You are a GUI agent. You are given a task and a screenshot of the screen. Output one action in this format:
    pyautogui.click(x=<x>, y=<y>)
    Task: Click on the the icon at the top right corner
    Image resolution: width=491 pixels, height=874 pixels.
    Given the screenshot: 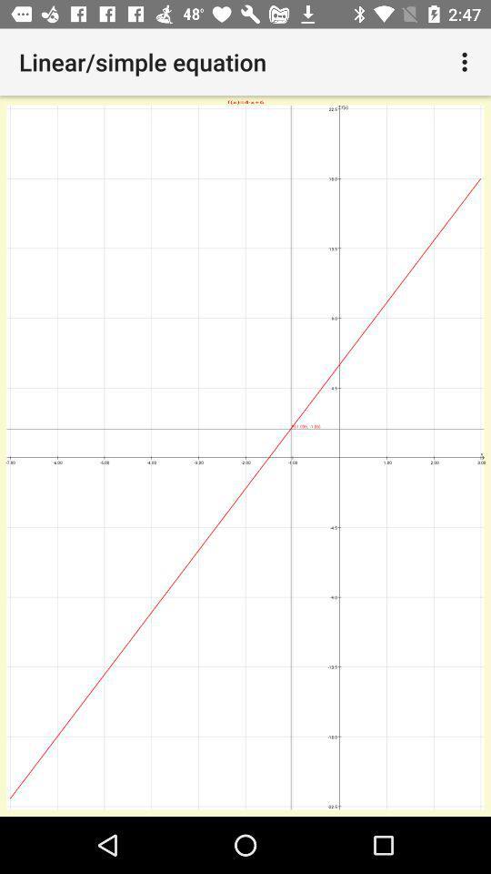 What is the action you would take?
    pyautogui.click(x=466, y=62)
    